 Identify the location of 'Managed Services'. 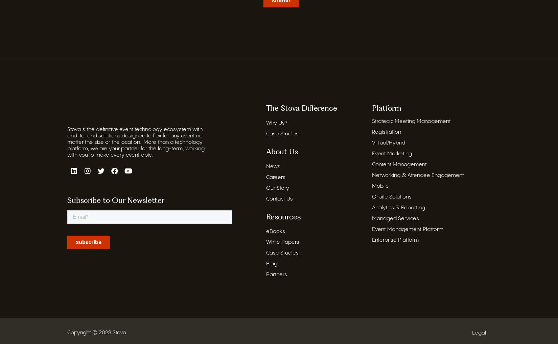
(372, 218).